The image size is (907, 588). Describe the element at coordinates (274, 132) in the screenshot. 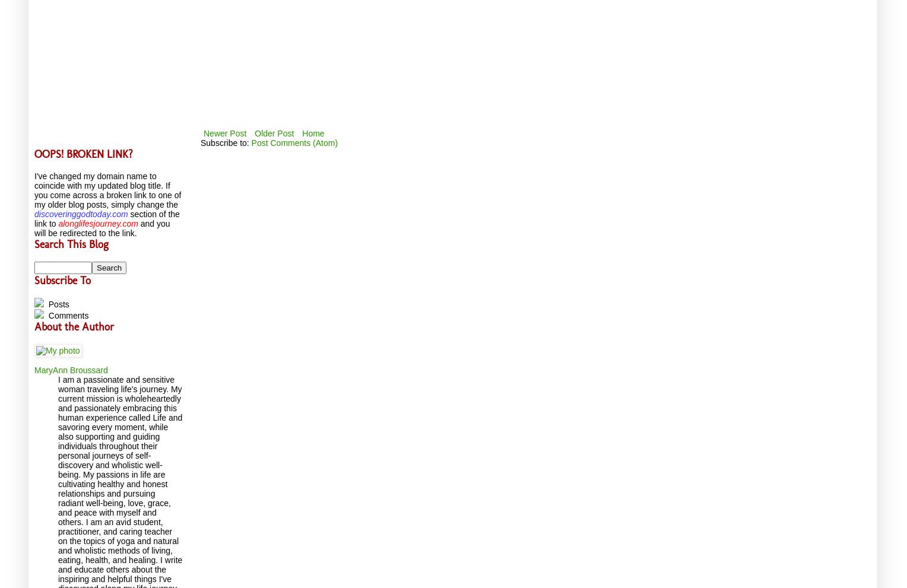

I see `'Older Post'` at that location.